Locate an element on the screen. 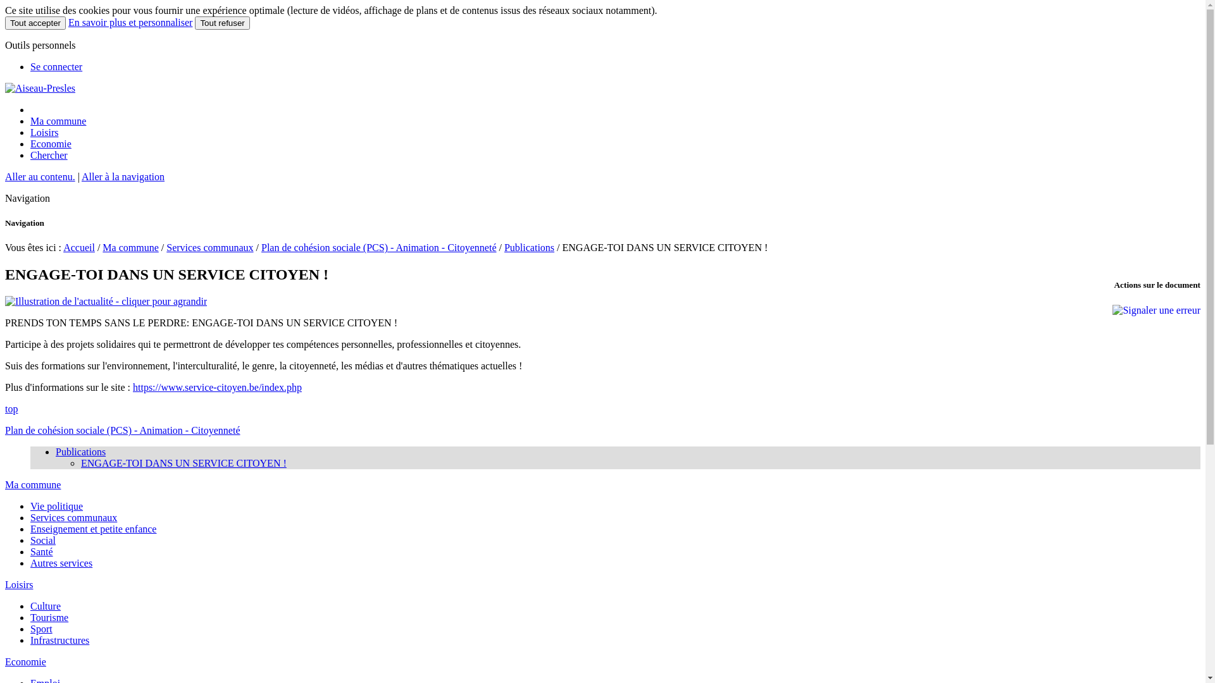  'Social' is located at coordinates (42, 540).